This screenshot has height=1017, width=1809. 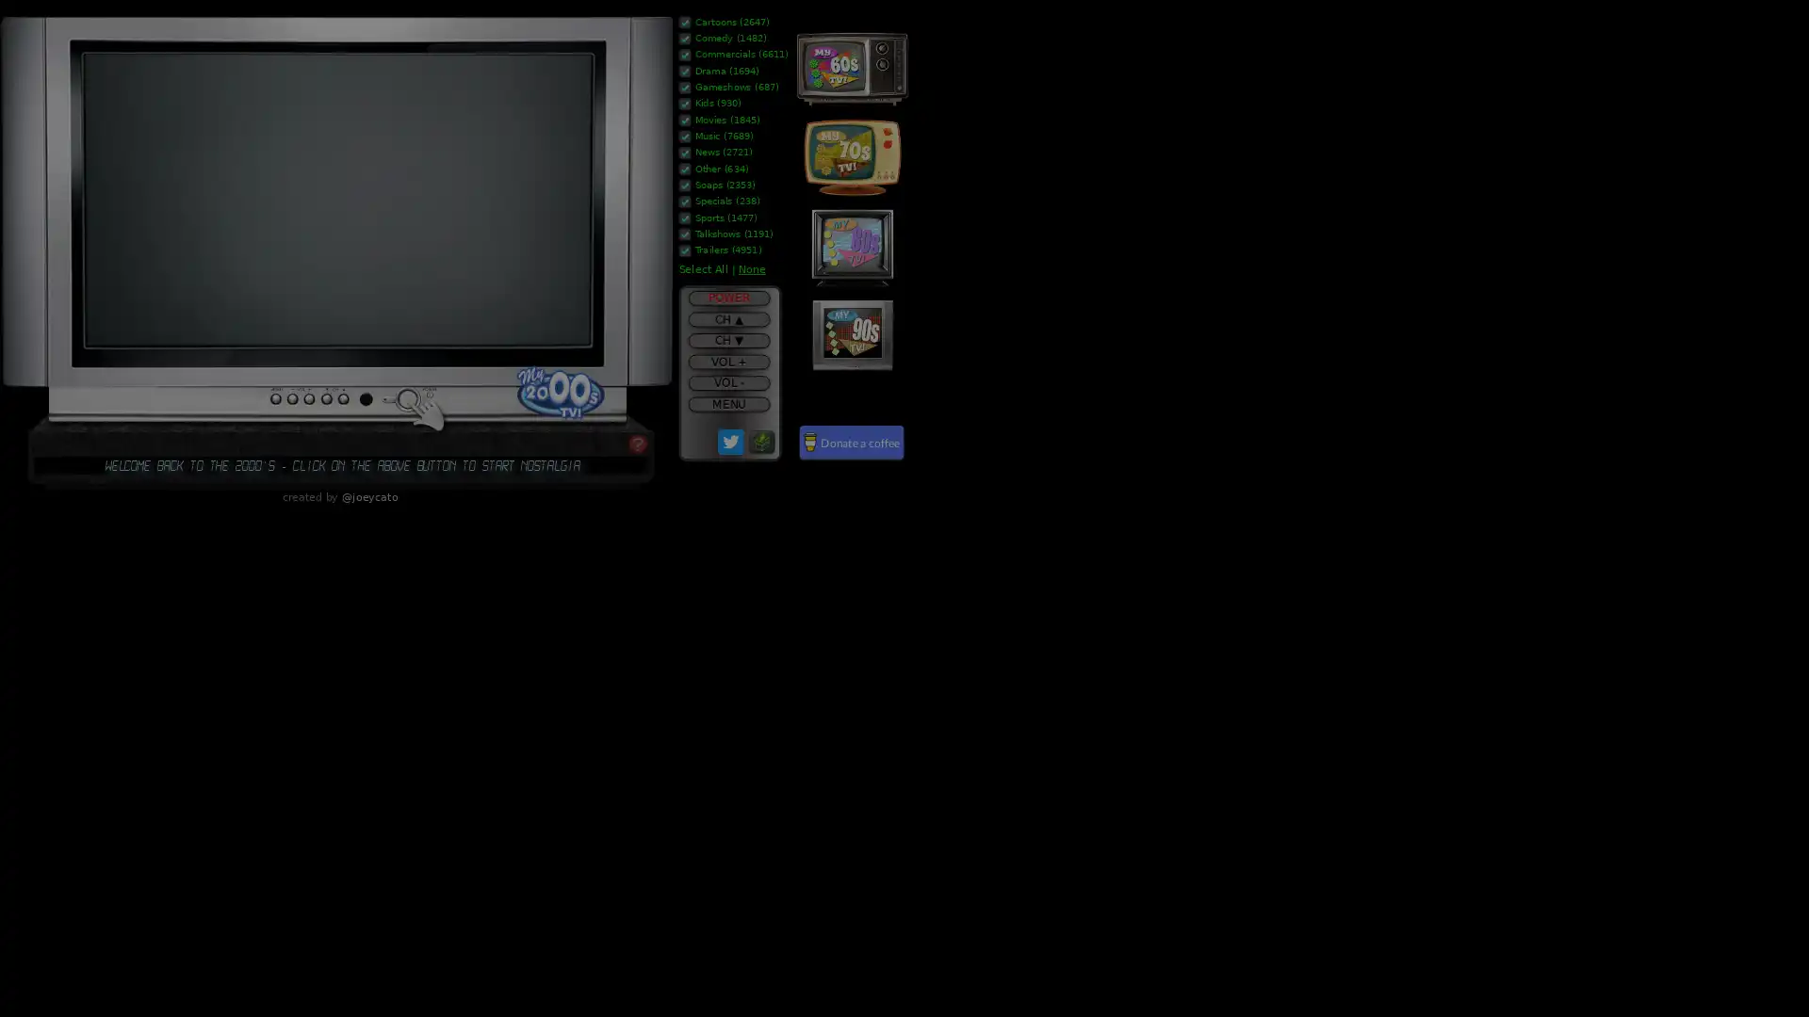 What do you see at coordinates (727, 381) in the screenshot?
I see `VOL -` at bounding box center [727, 381].